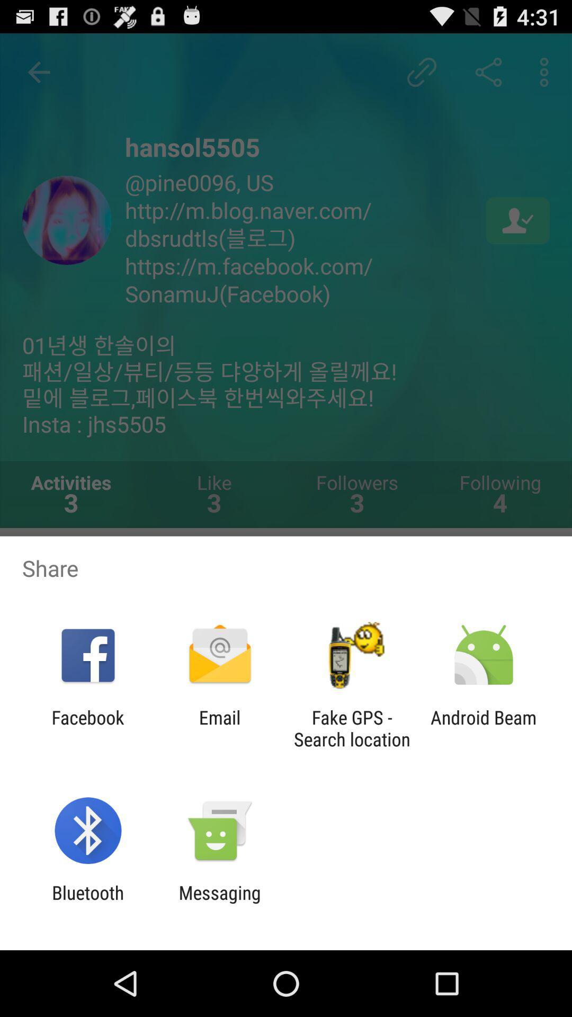 This screenshot has height=1017, width=572. I want to click on icon next to bluetooth app, so click(219, 903).